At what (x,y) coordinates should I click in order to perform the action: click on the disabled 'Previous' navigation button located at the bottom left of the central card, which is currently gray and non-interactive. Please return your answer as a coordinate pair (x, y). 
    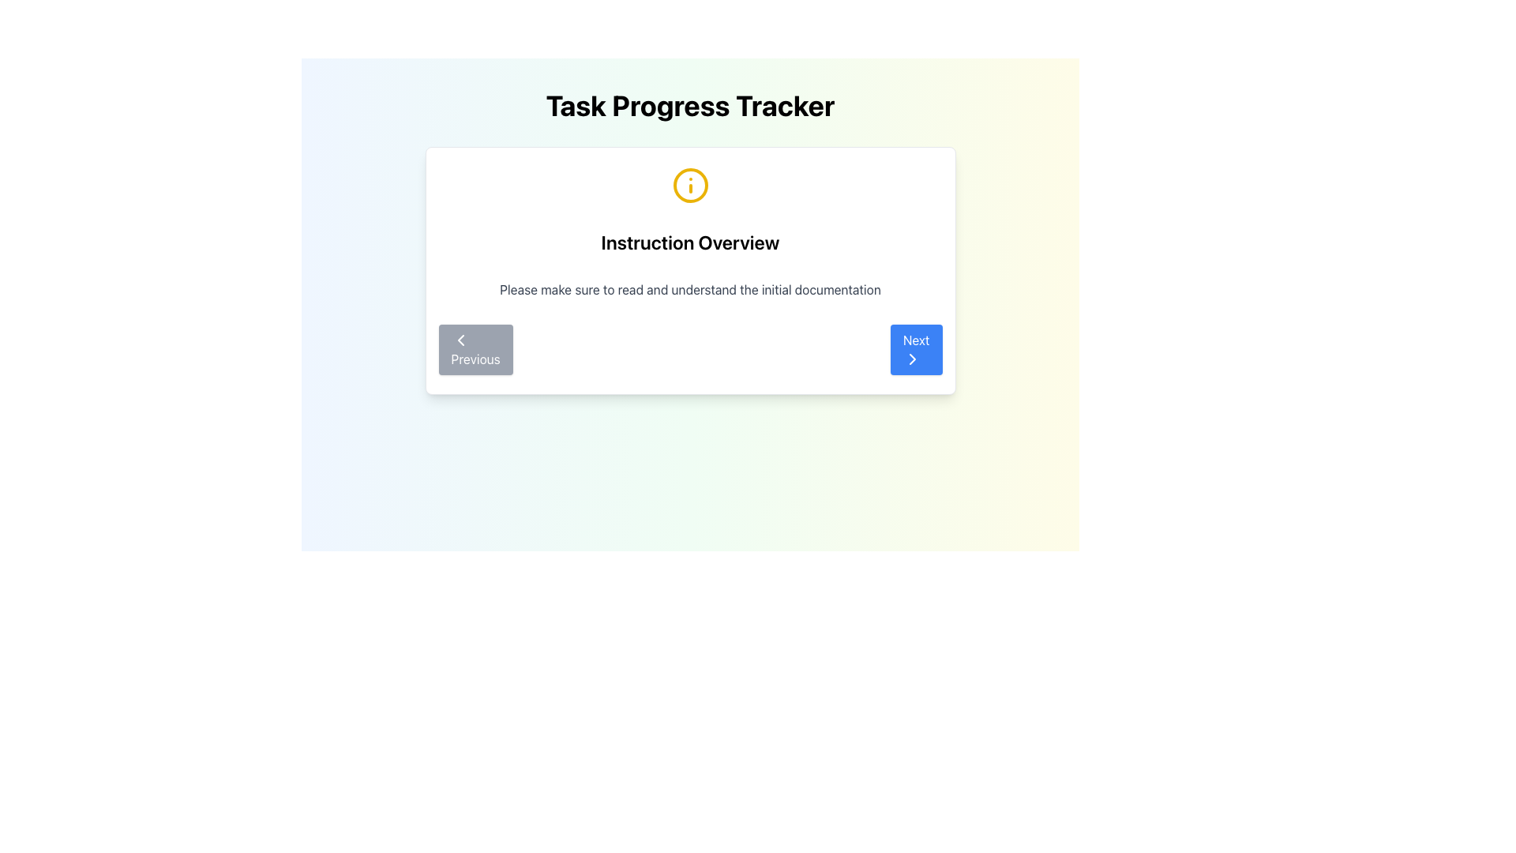
    Looking at the image, I should click on (475, 349).